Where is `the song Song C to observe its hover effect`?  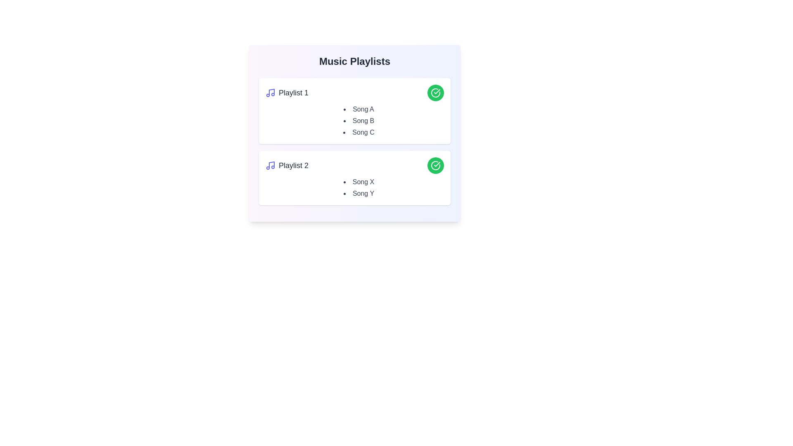 the song Song C to observe its hover effect is located at coordinates (359, 132).